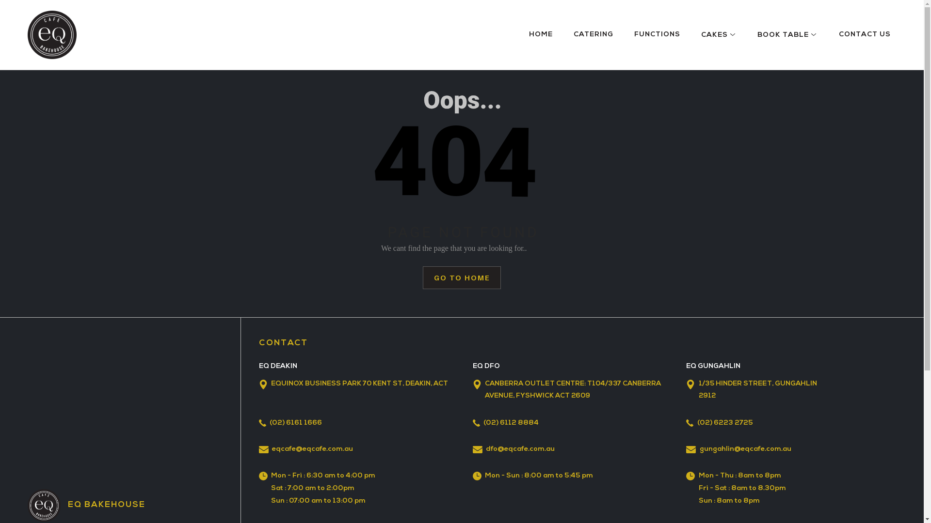 The image size is (931, 523). What do you see at coordinates (634, 34) in the screenshot?
I see `'FUNCTIONS'` at bounding box center [634, 34].